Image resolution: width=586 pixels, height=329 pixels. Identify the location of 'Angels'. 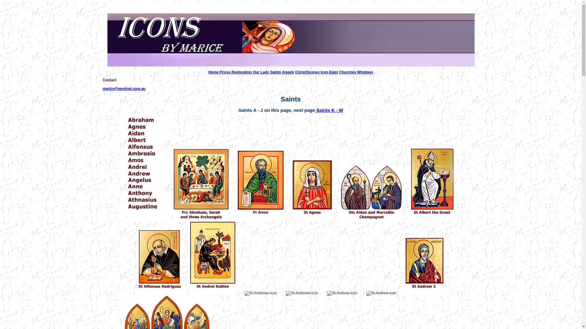
(288, 72).